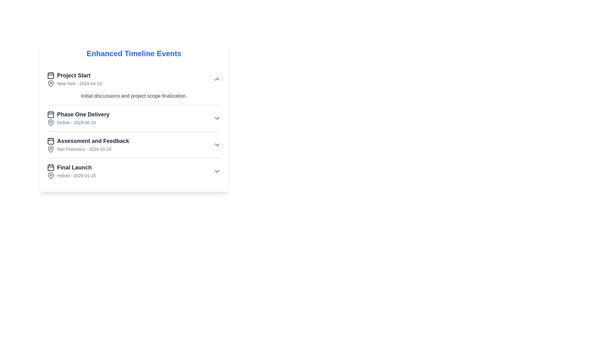 This screenshot has height=337, width=599. I want to click on the text entry displaying 'New York - 2024-04-13' located below 'Project Start' under 'Enhanced Timeline Events', so click(74, 83).